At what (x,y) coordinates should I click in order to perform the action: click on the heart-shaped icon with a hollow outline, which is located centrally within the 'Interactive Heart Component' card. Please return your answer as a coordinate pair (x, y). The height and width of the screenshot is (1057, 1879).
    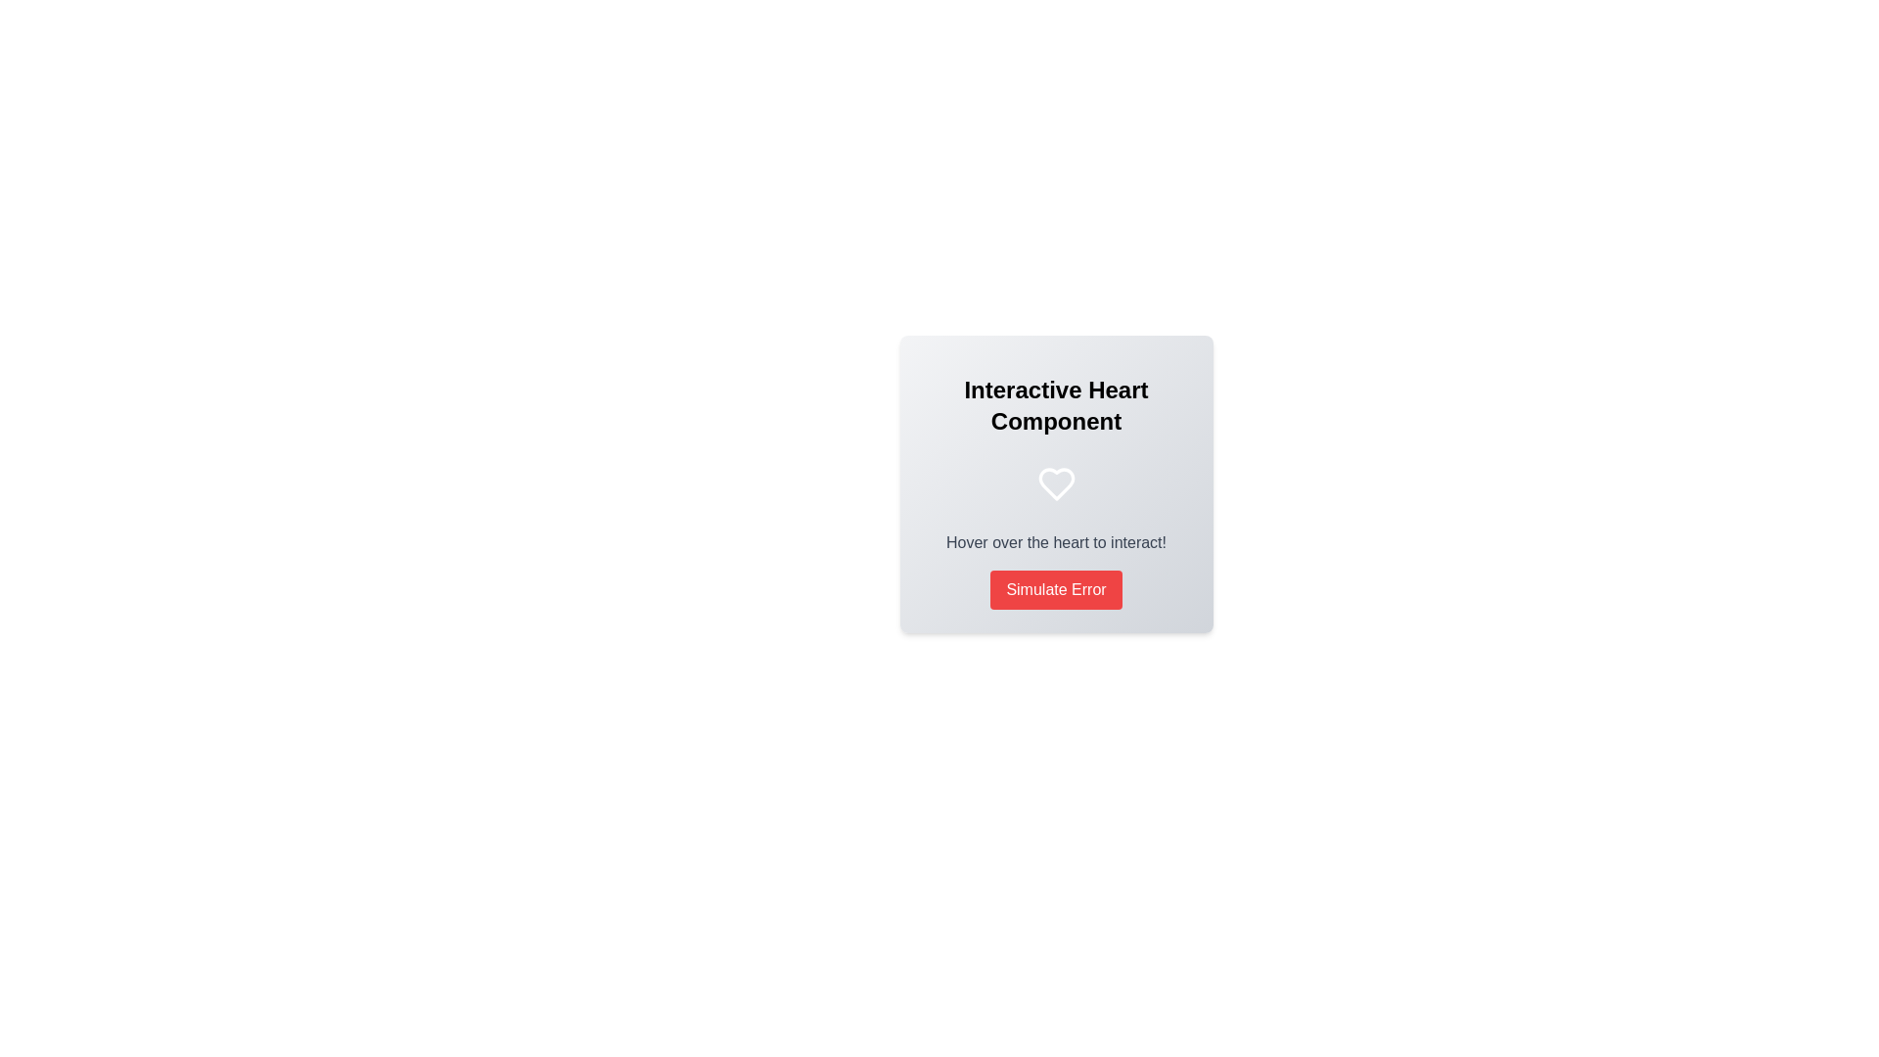
    Looking at the image, I should click on (1055, 483).